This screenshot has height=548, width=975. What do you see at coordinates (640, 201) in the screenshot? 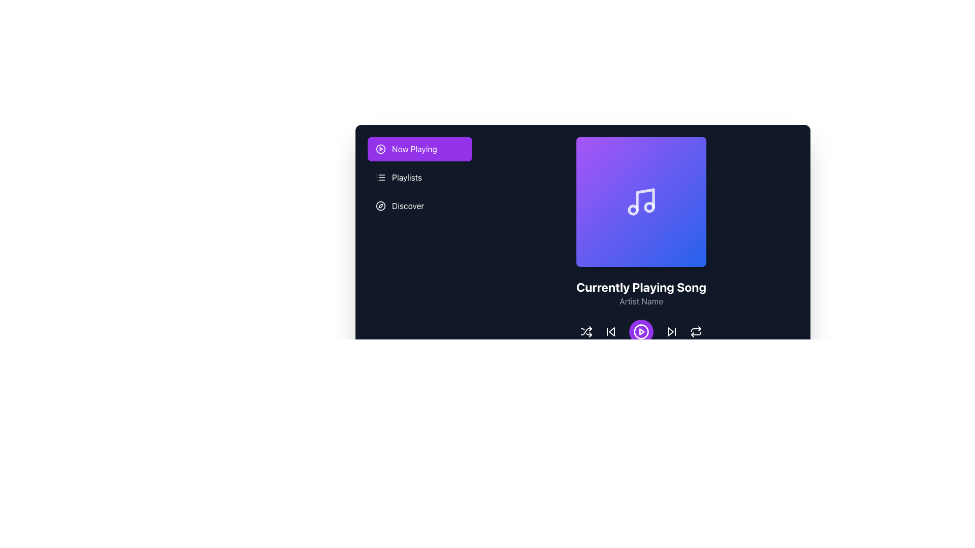
I see `the graphical decorative element that represents the currently playing song in the upper middle area of the music player interface` at bounding box center [640, 201].